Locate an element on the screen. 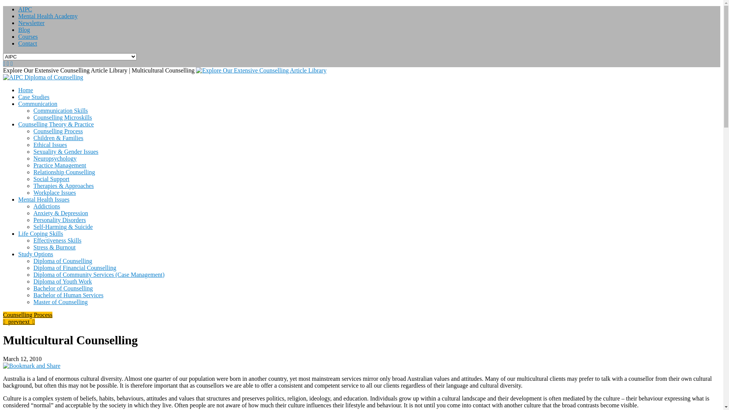 Image resolution: width=729 pixels, height=410 pixels. 'Contact' is located at coordinates (18, 43).